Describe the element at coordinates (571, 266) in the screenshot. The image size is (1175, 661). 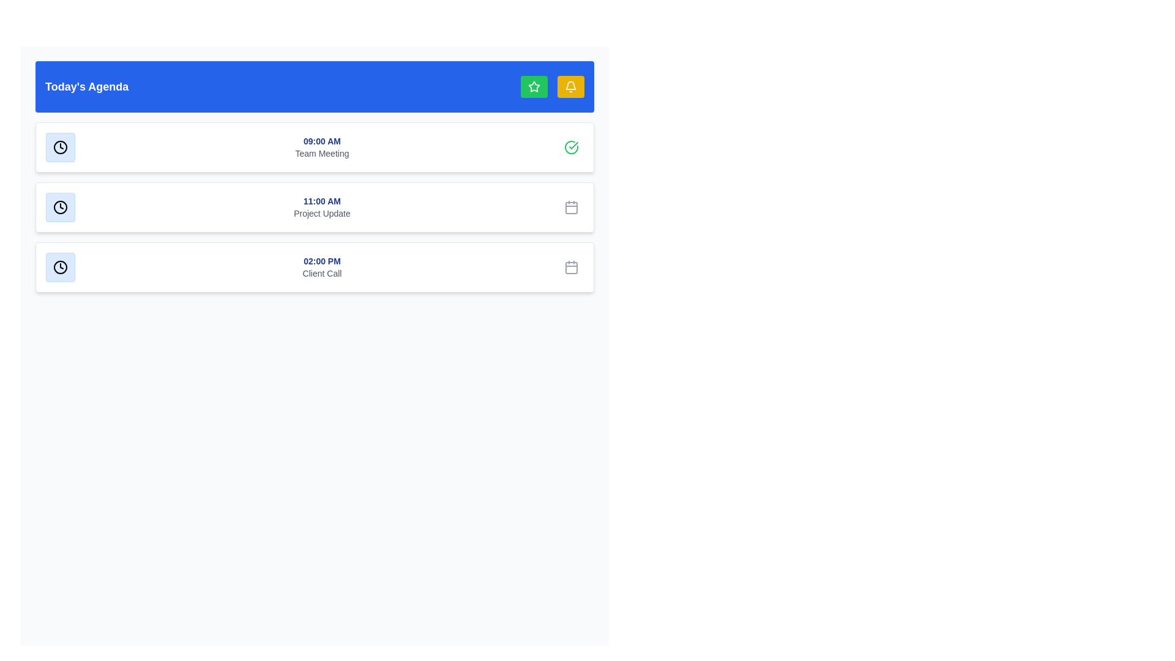
I see `the calendar icon located in the lower right corner of the third row, which is associated with the 'Client Call' scheduled at 2:00 PM` at that location.